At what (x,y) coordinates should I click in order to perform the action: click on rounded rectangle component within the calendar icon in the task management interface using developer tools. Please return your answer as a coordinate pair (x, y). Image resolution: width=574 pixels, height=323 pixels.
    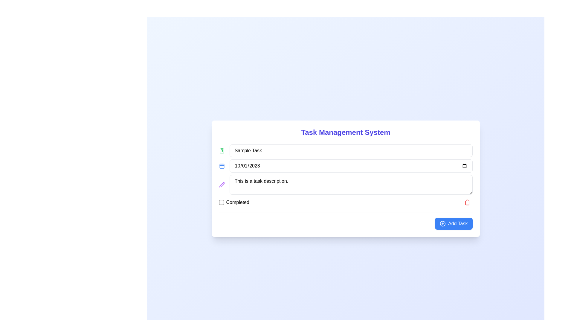
    Looking at the image, I should click on (222, 166).